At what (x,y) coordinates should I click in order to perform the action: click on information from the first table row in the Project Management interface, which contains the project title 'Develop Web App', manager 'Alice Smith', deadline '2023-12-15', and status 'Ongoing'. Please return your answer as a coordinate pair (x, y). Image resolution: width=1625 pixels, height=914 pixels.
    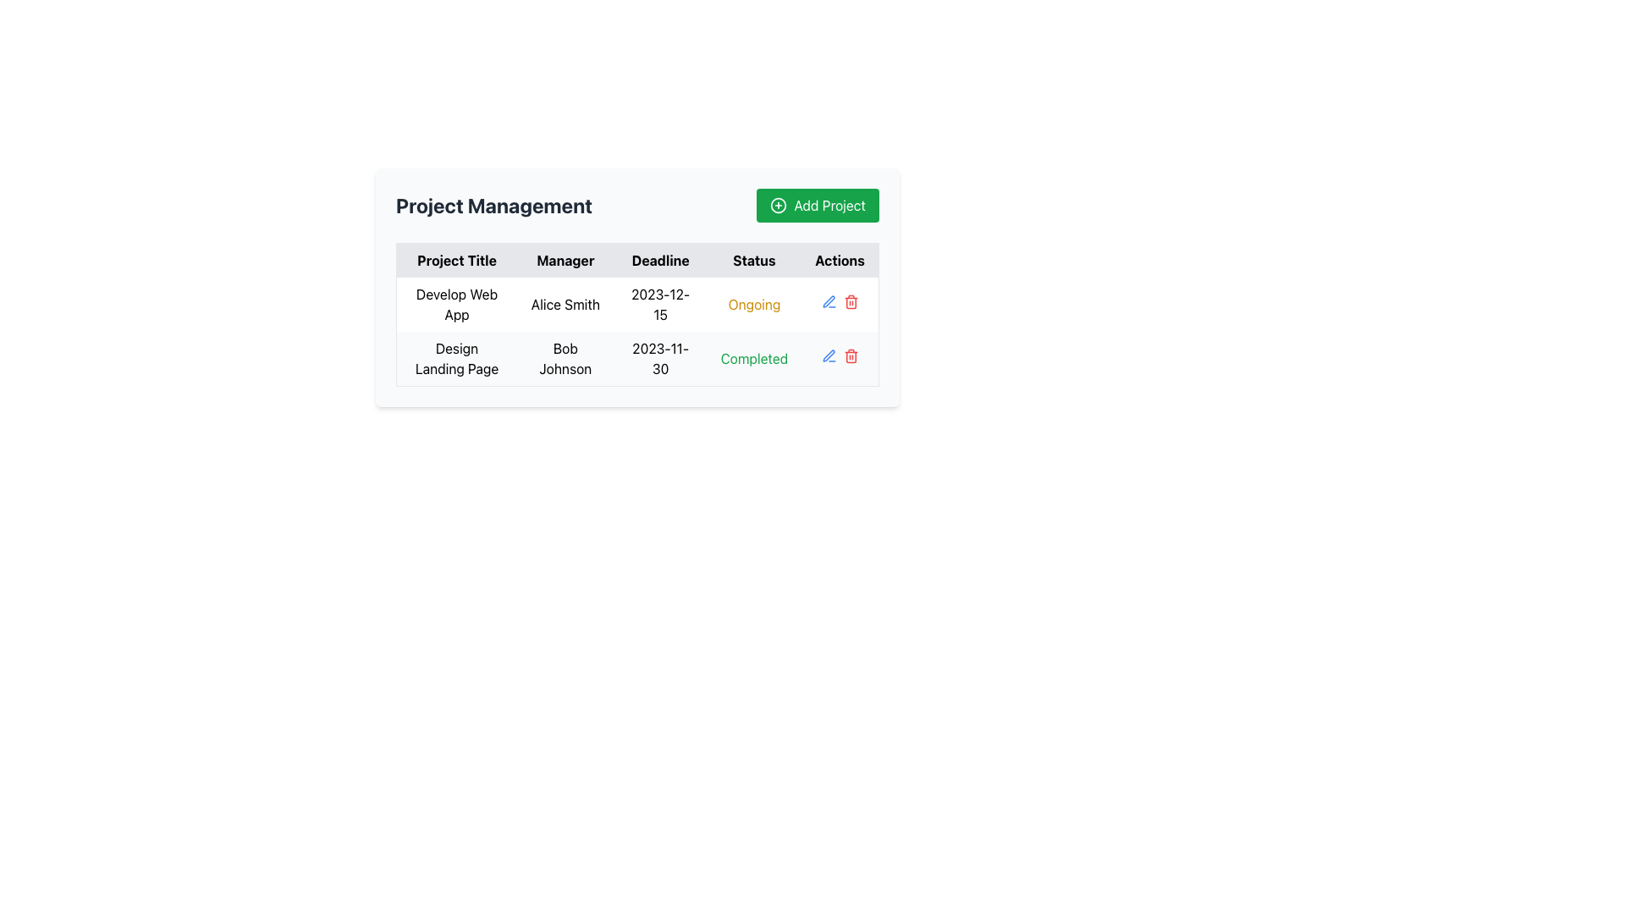
    Looking at the image, I should click on (636, 332).